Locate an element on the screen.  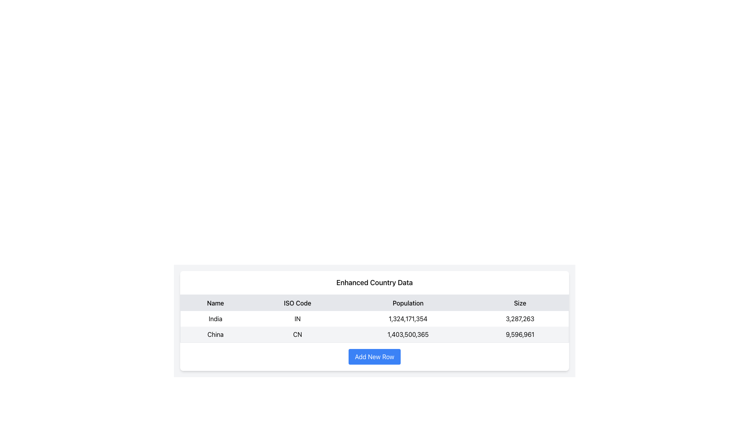
the first data row in the table that provides information about India, including its ISO Code, population, and size is located at coordinates (374, 327).